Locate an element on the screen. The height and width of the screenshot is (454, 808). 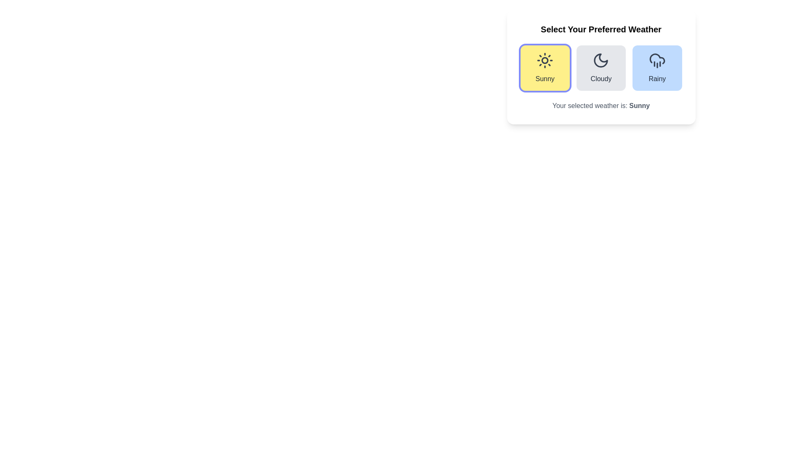
the sunny weather icon located in the highlighted section labeled 'Sunny', which is positioned above the word 'Sunny' in the weather selection panel is located at coordinates (545, 60).